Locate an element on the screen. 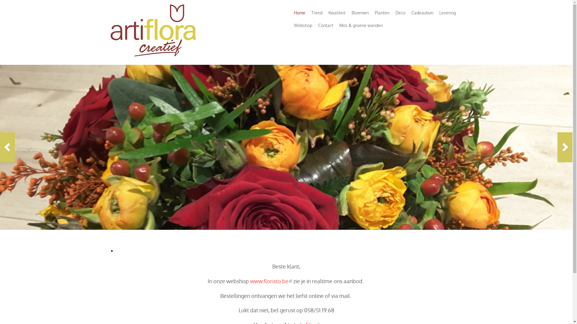 This screenshot has height=324, width=577. 'Cadeaubon' is located at coordinates (422, 13).